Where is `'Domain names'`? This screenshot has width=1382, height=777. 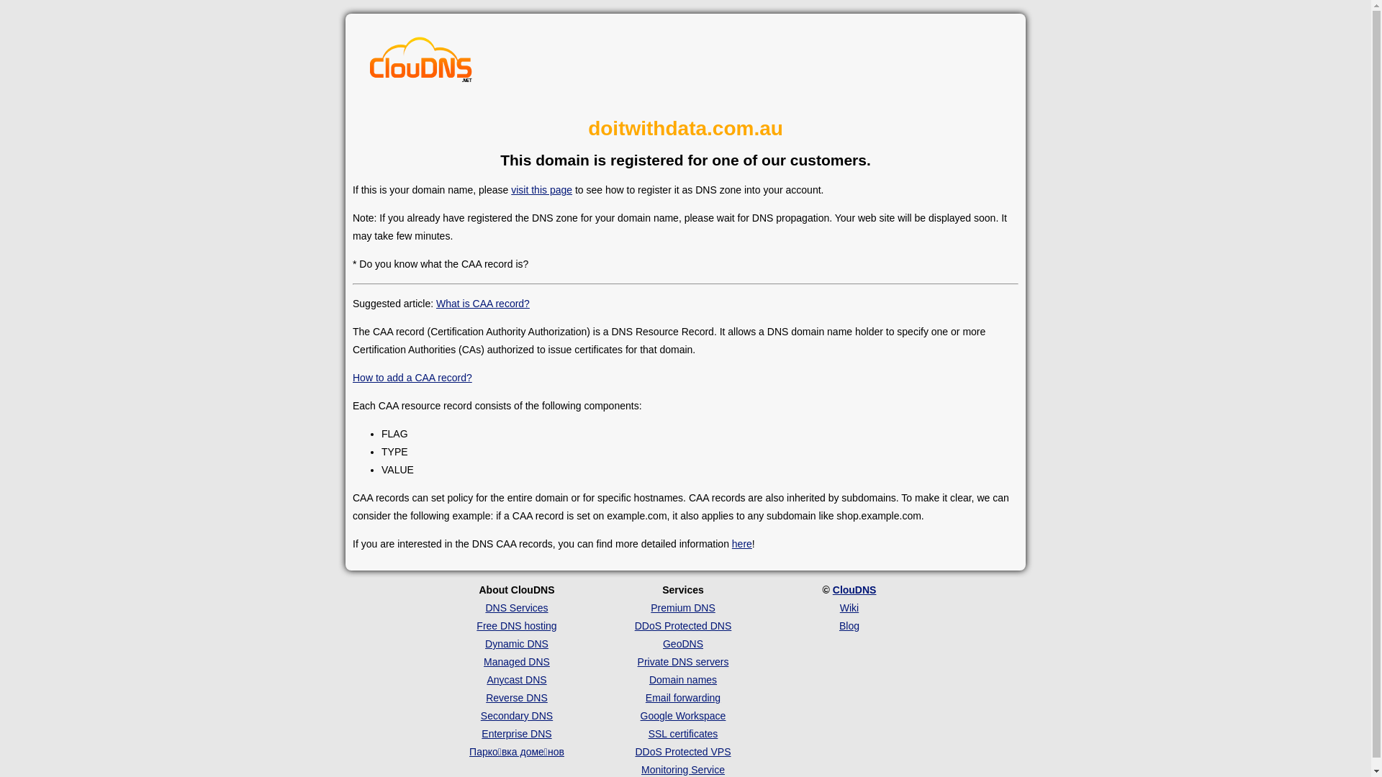
'Domain names' is located at coordinates (682, 680).